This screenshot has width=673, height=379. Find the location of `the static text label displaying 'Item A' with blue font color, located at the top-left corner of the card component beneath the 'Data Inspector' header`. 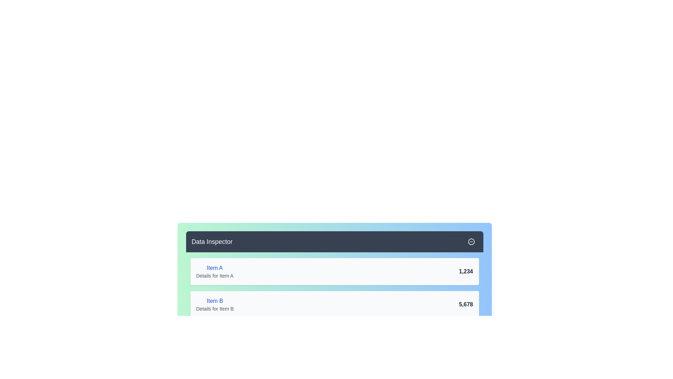

the static text label displaying 'Item A' with blue font color, located at the top-left corner of the card component beneath the 'Data Inspector' header is located at coordinates (214, 268).